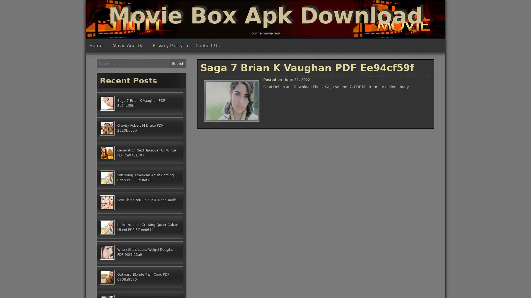 This screenshot has width=531, height=298. I want to click on Search, so click(178, 63).